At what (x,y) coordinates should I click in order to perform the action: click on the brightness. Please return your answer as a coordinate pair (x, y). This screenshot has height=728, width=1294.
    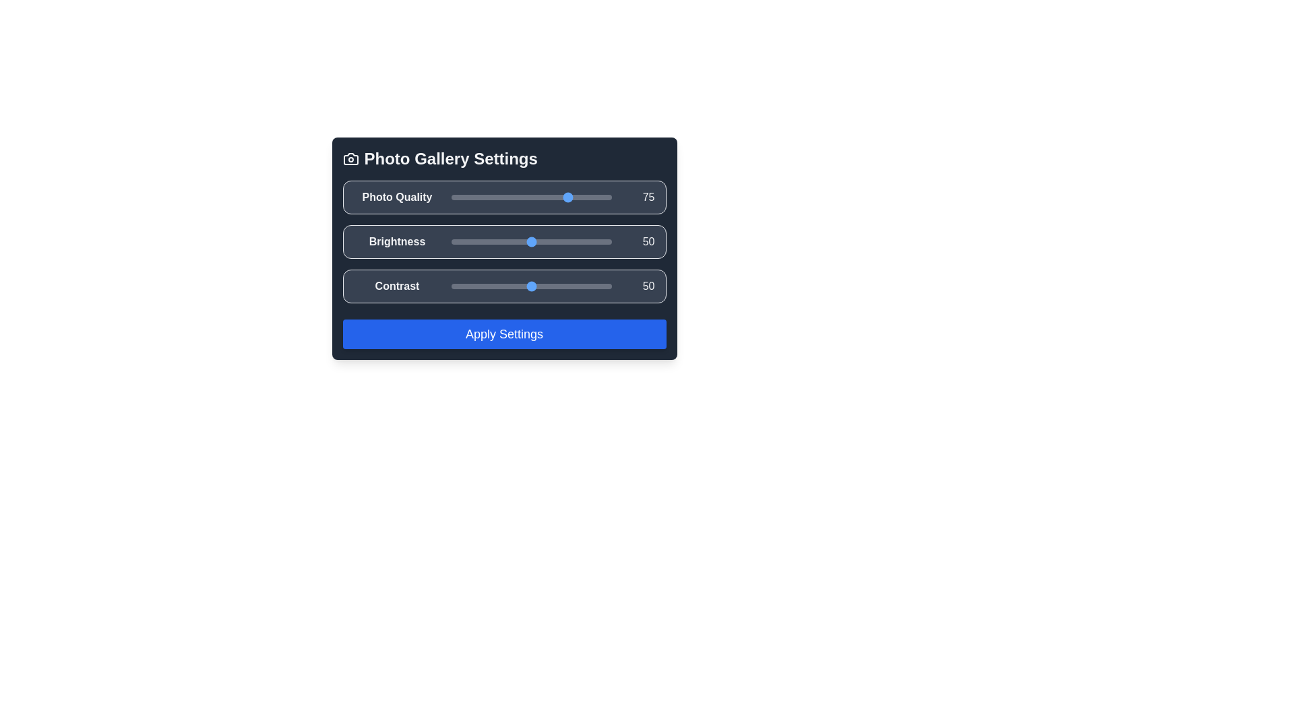
    Looking at the image, I should click on (566, 241).